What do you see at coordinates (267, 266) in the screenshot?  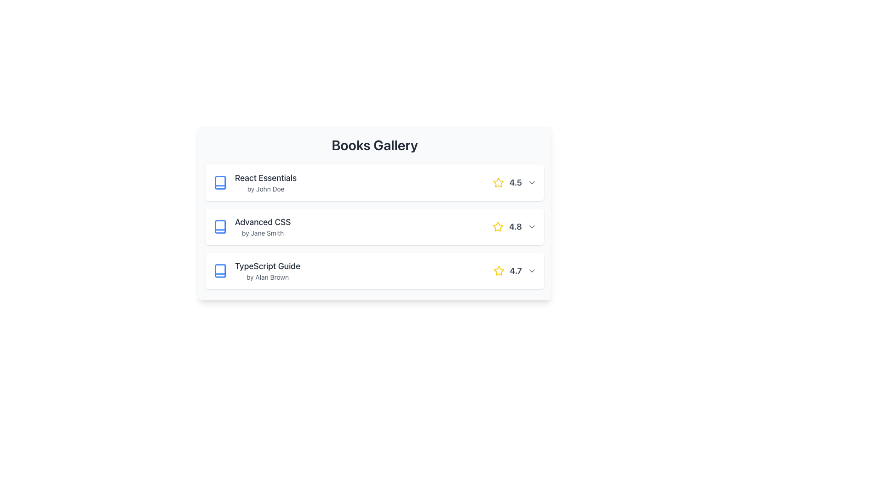 I see `on the text label titled 'TypeScript Guide', which is the primary title of the last book entry in the list` at bounding box center [267, 266].